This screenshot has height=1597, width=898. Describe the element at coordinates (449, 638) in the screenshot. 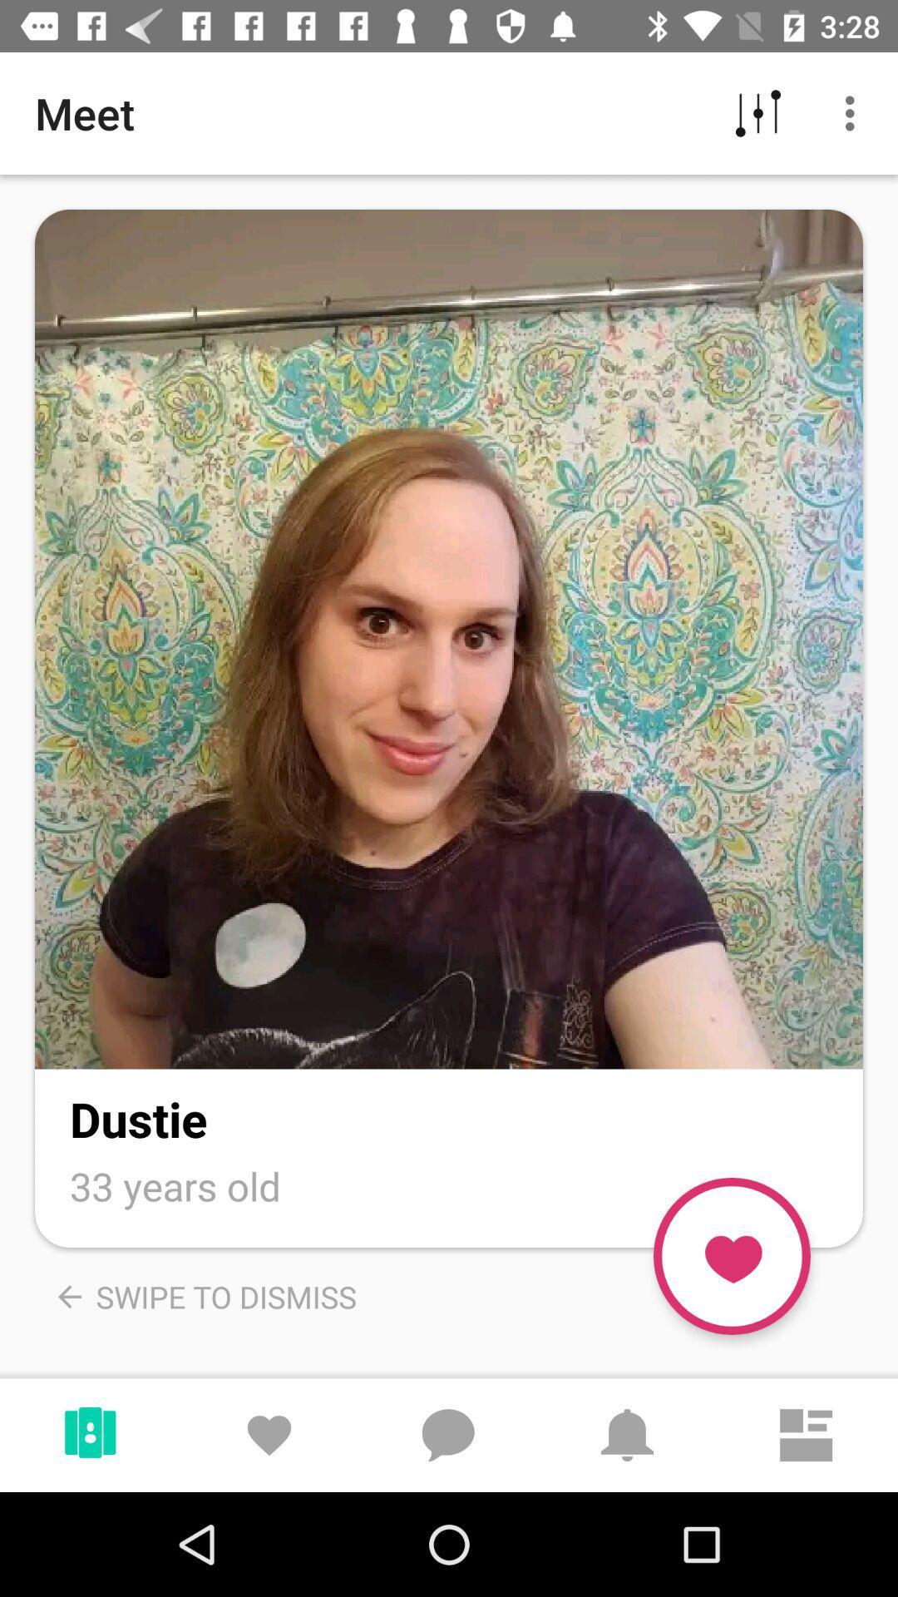

I see `photos` at that location.